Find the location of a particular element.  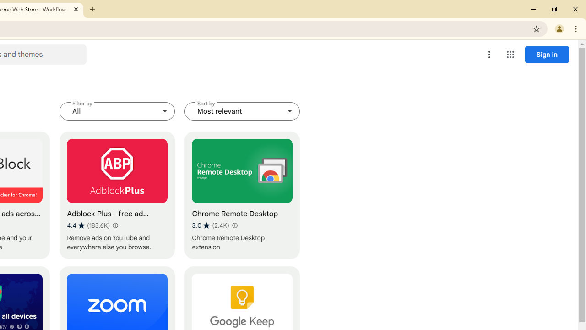

'Sort by Most relevant' is located at coordinates (242, 111).